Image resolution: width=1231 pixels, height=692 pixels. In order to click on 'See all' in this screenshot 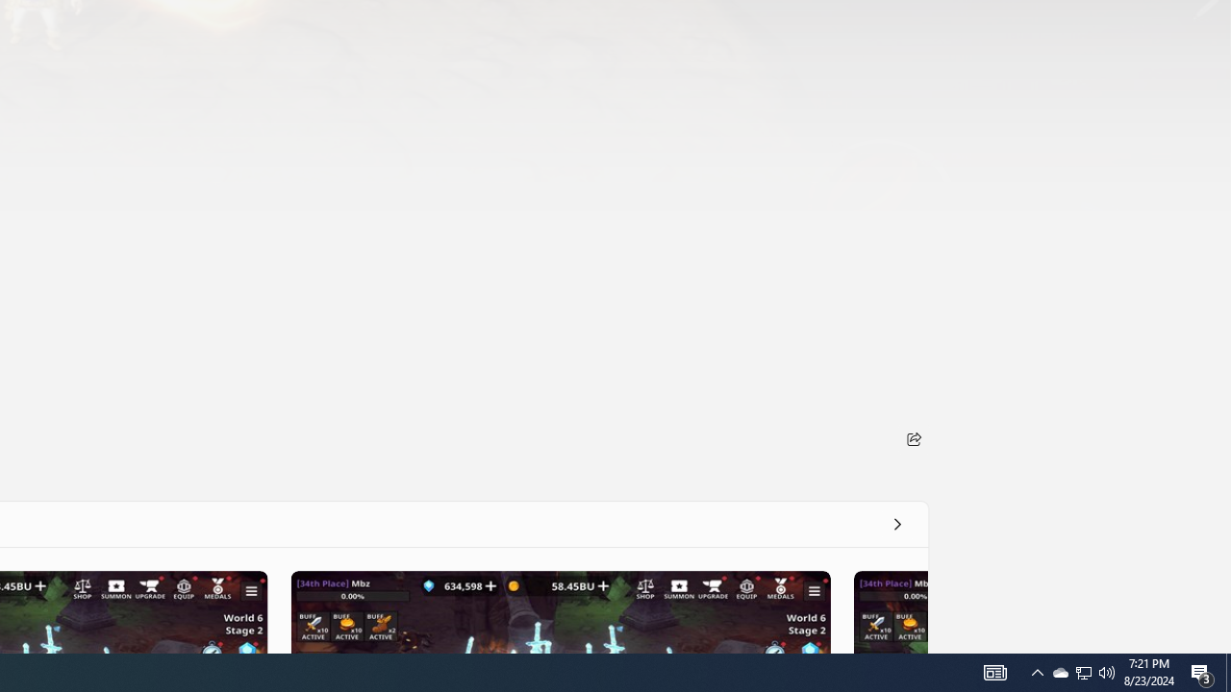, I will do `click(895, 524)`.